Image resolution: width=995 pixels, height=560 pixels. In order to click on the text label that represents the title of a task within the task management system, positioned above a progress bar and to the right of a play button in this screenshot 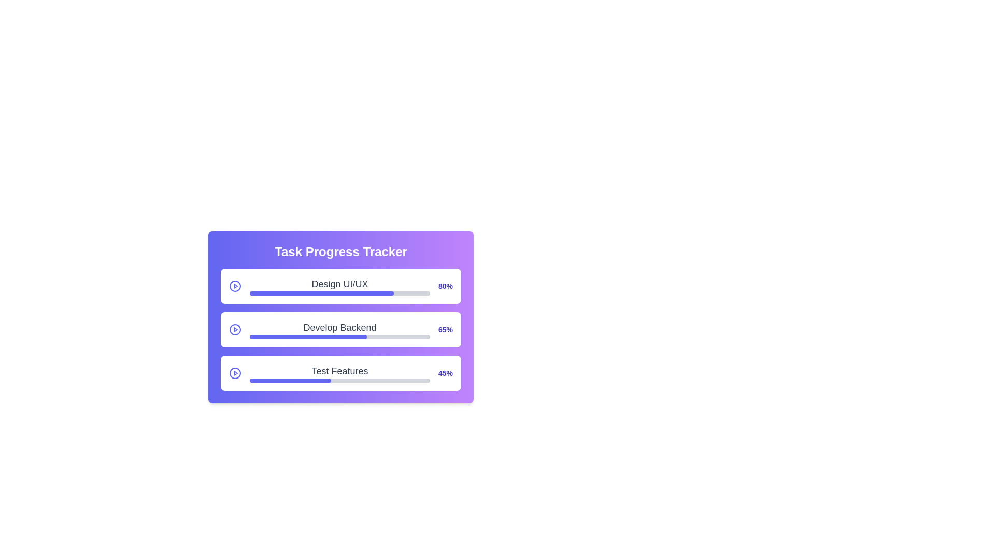, I will do `click(340, 284)`.